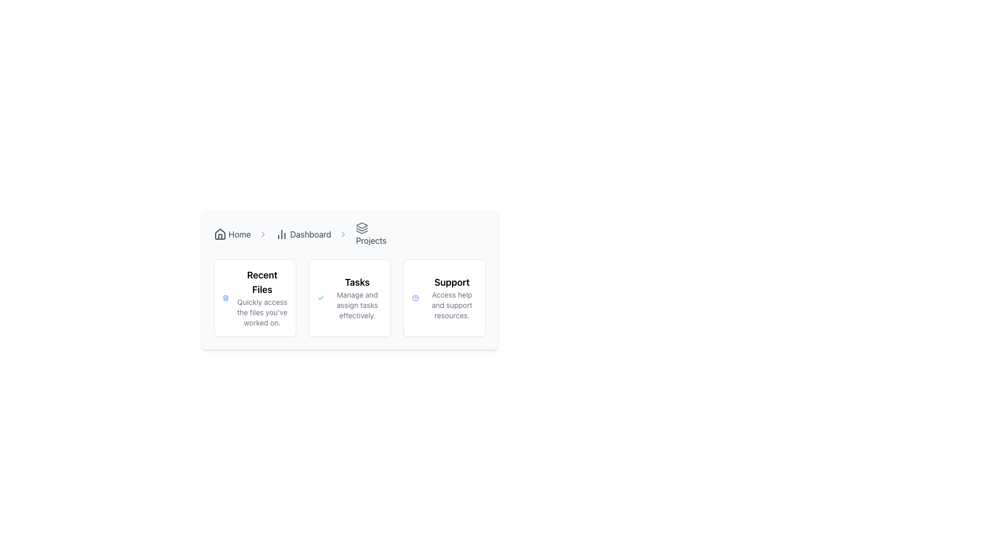 The width and height of the screenshot is (993, 559). What do you see at coordinates (220, 234) in the screenshot?
I see `the home icon, which is a stylized house with a triangular roof and rectangular base, located in the navigation bar next to the text 'Home'` at bounding box center [220, 234].